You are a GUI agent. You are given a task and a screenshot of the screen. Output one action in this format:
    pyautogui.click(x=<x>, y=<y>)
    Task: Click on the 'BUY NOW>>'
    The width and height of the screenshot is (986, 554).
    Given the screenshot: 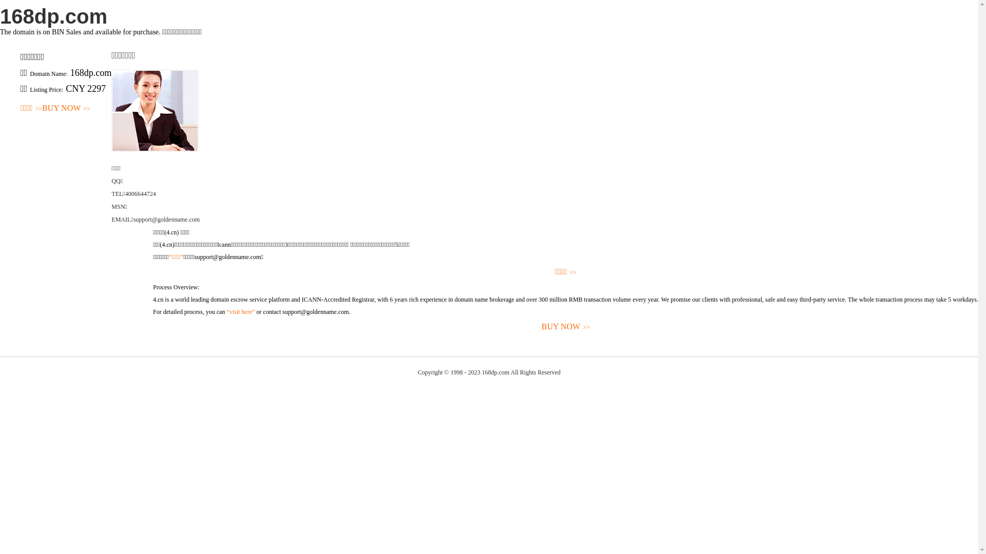 What is the action you would take?
    pyautogui.click(x=66, y=108)
    